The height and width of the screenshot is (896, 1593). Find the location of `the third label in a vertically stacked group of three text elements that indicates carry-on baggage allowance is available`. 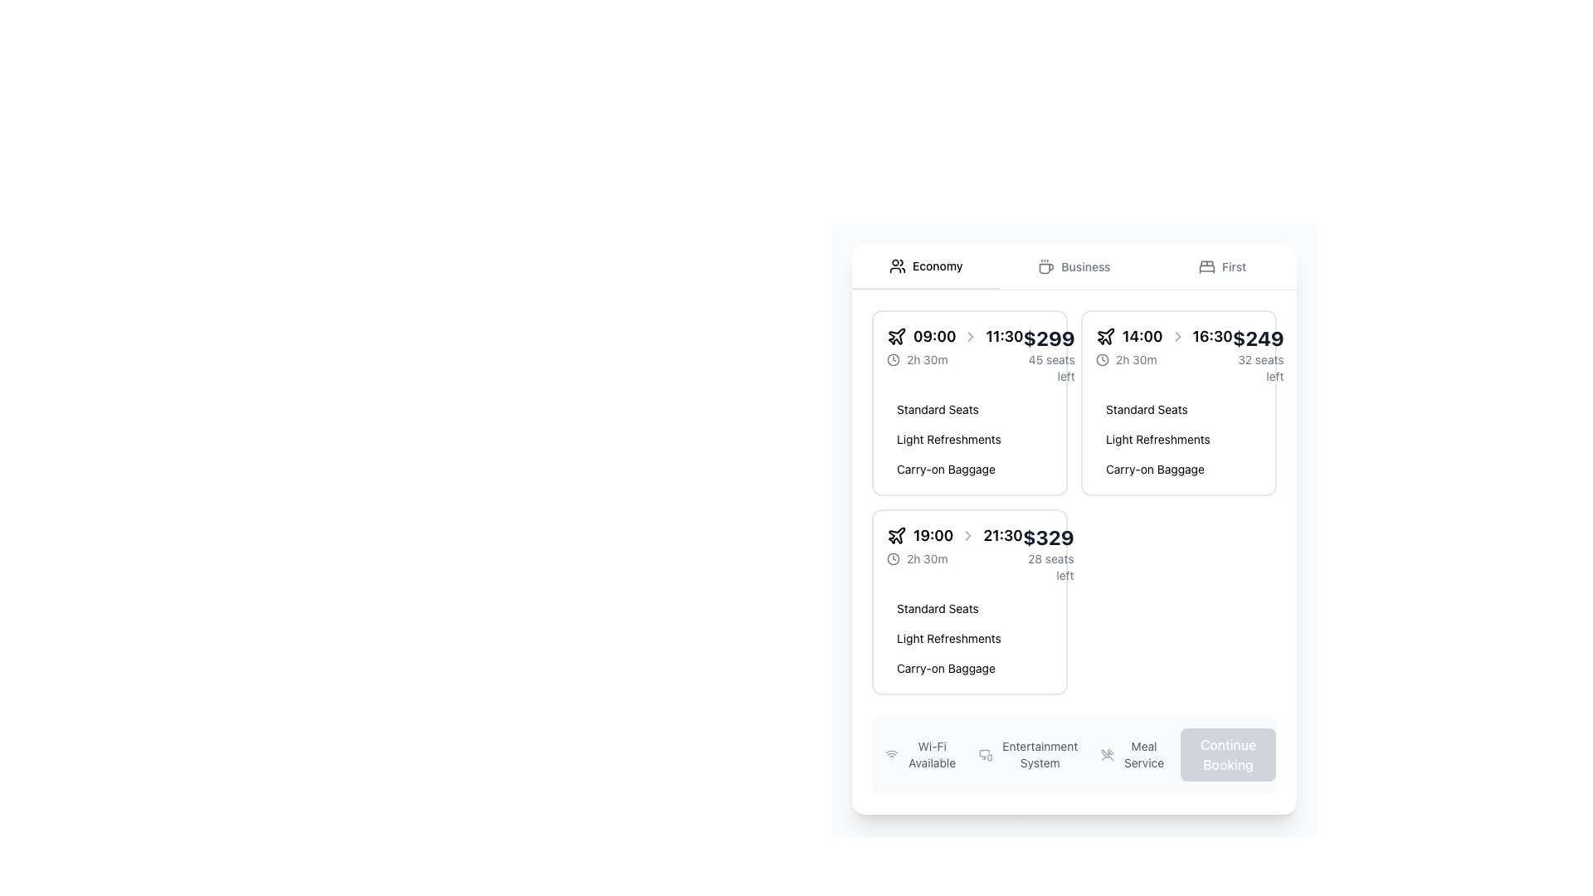

the third label in a vertically stacked group of three text elements that indicates carry-on baggage allowance is available is located at coordinates (946, 470).